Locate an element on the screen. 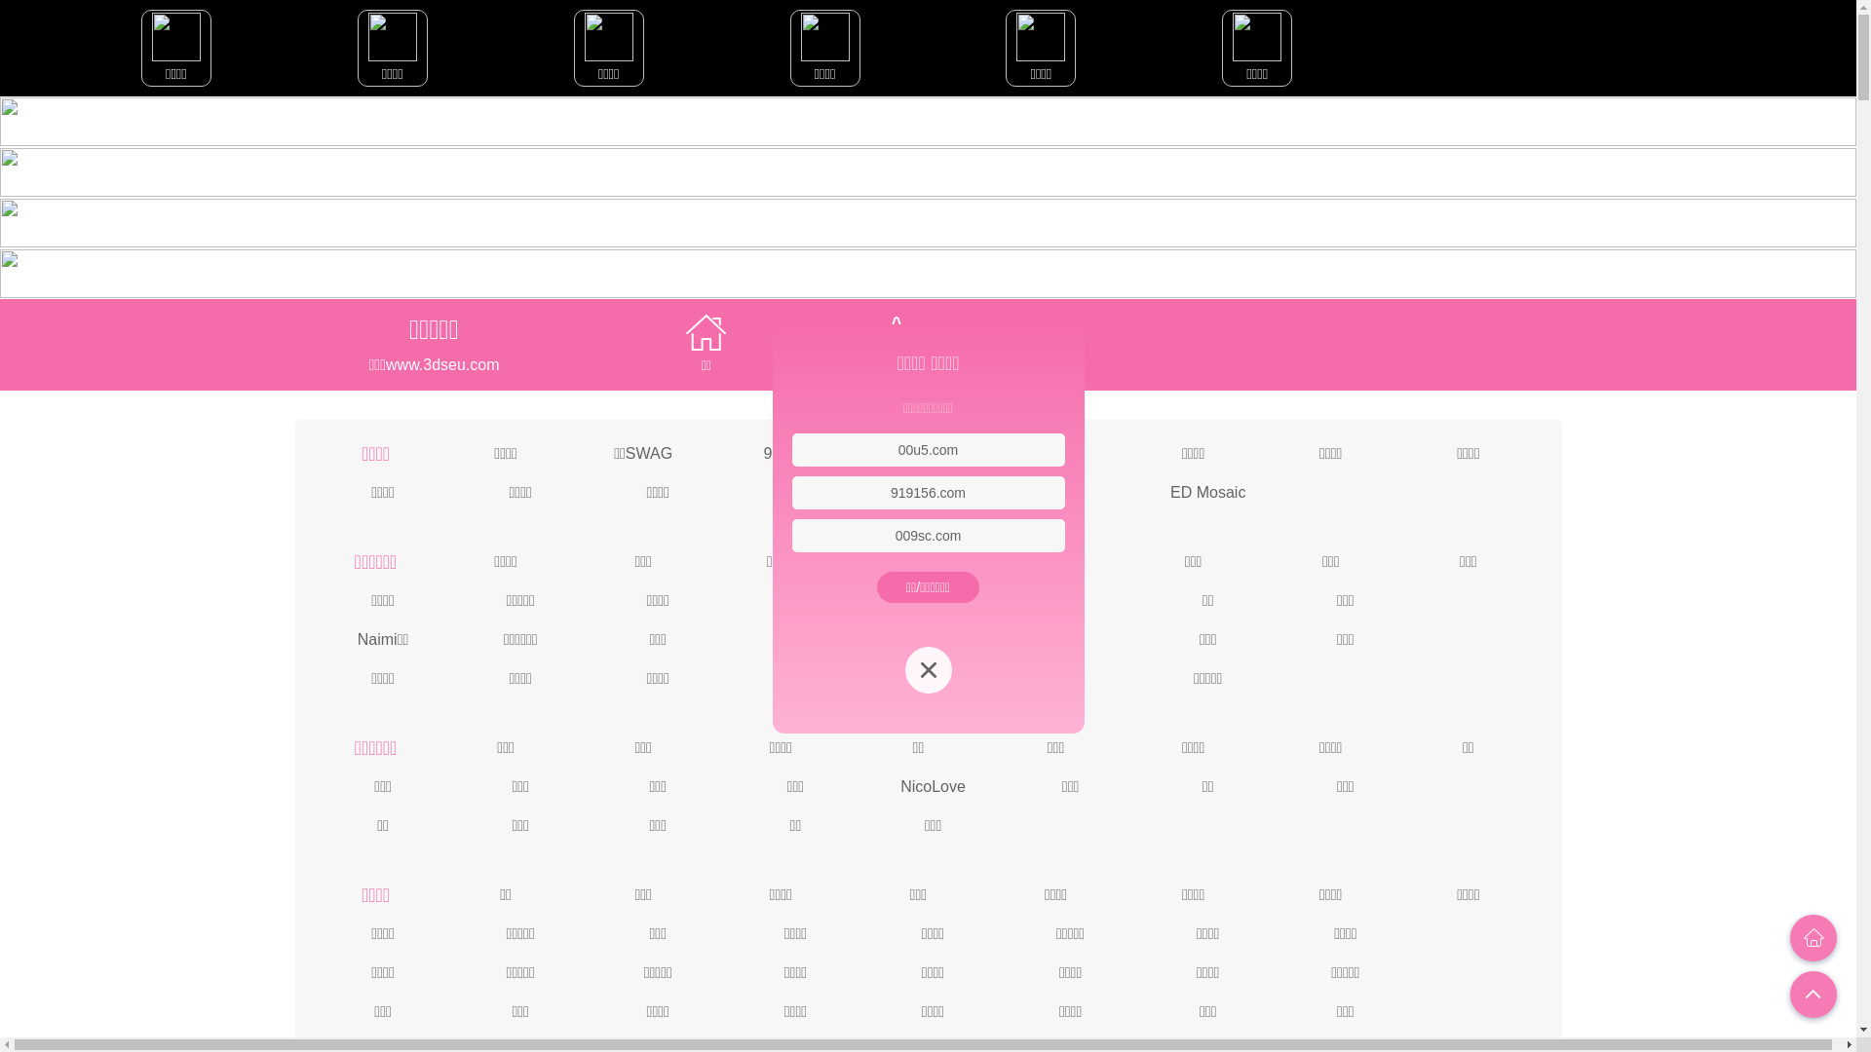 Image resolution: width=1871 pixels, height=1052 pixels. '919156.com' is located at coordinates (889, 491).